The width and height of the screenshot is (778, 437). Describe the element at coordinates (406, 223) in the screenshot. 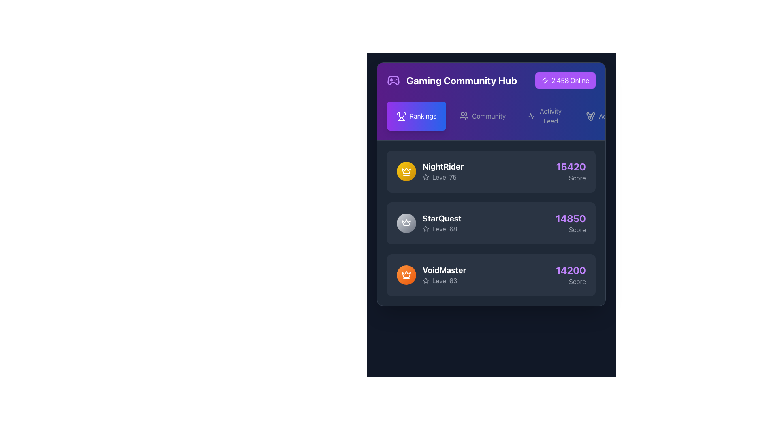

I see `the crown icon located in the middle section of the leaderboard list, which indicates an achievement for the 'StarQuest' entry` at that location.